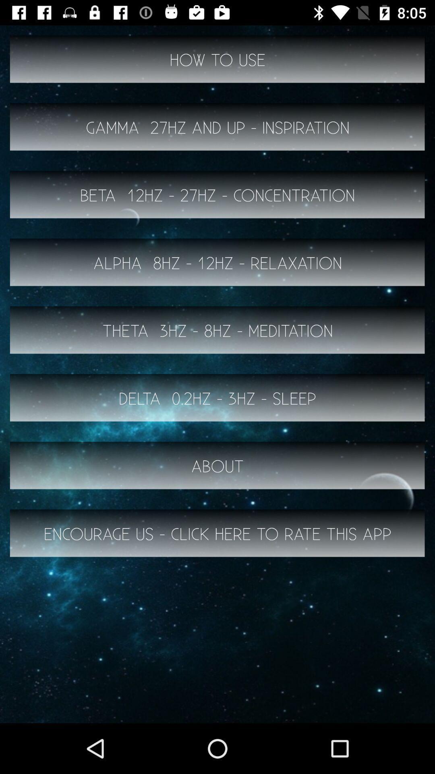 The width and height of the screenshot is (435, 774). What do you see at coordinates (217, 466) in the screenshot?
I see `the icon above the encourage us click item` at bounding box center [217, 466].